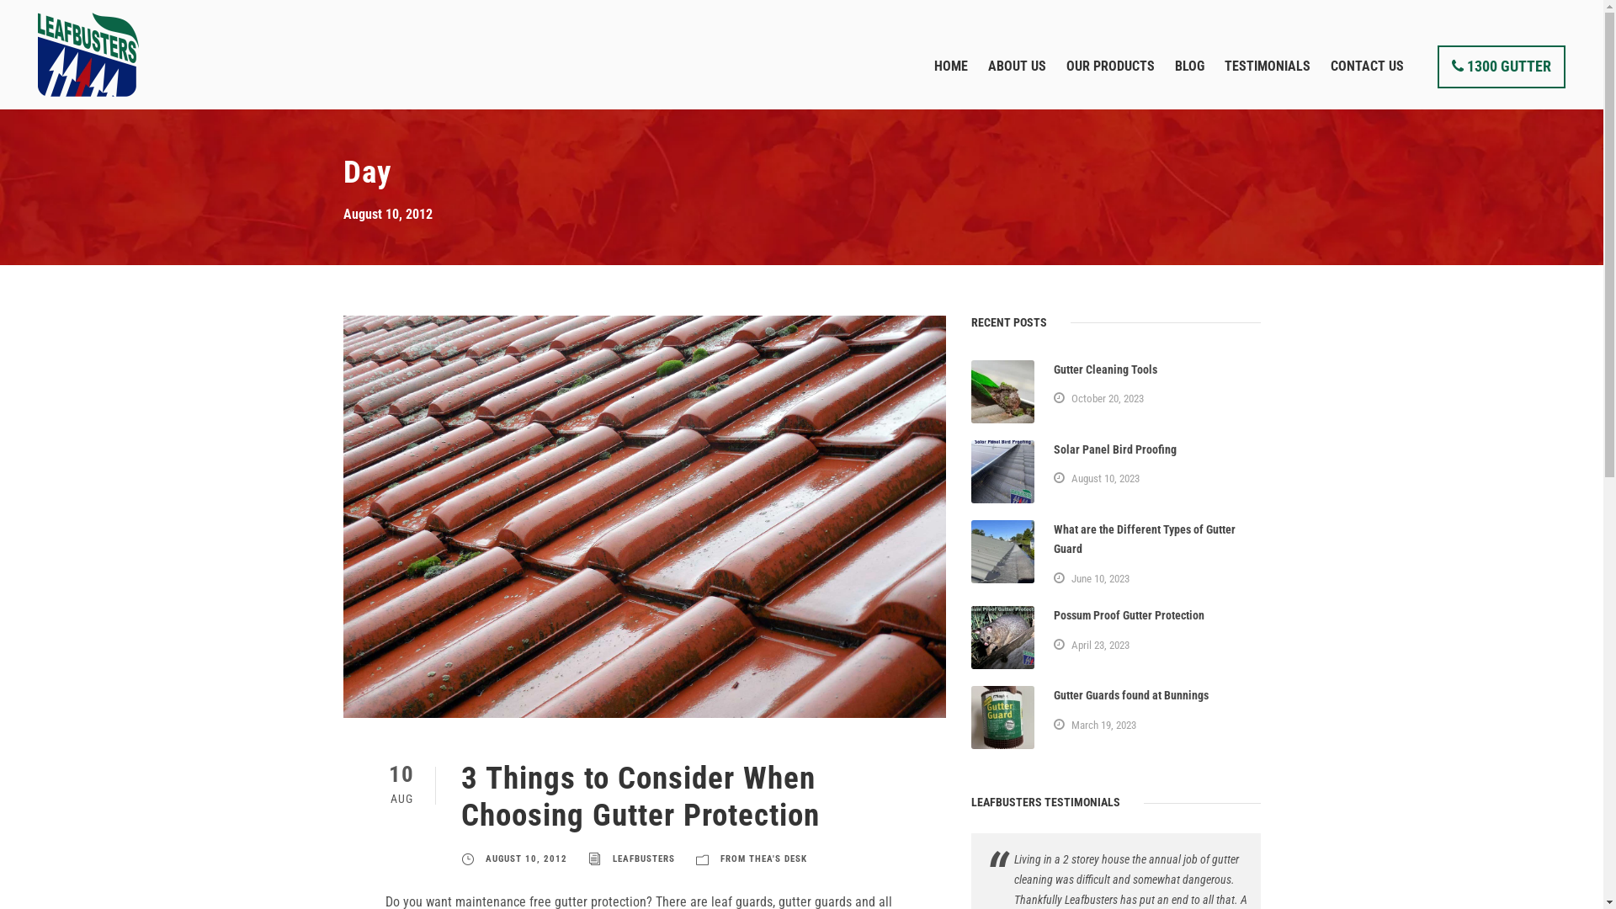 The height and width of the screenshot is (909, 1616). I want to click on 'TESTIMONIALS', so click(1268, 82).